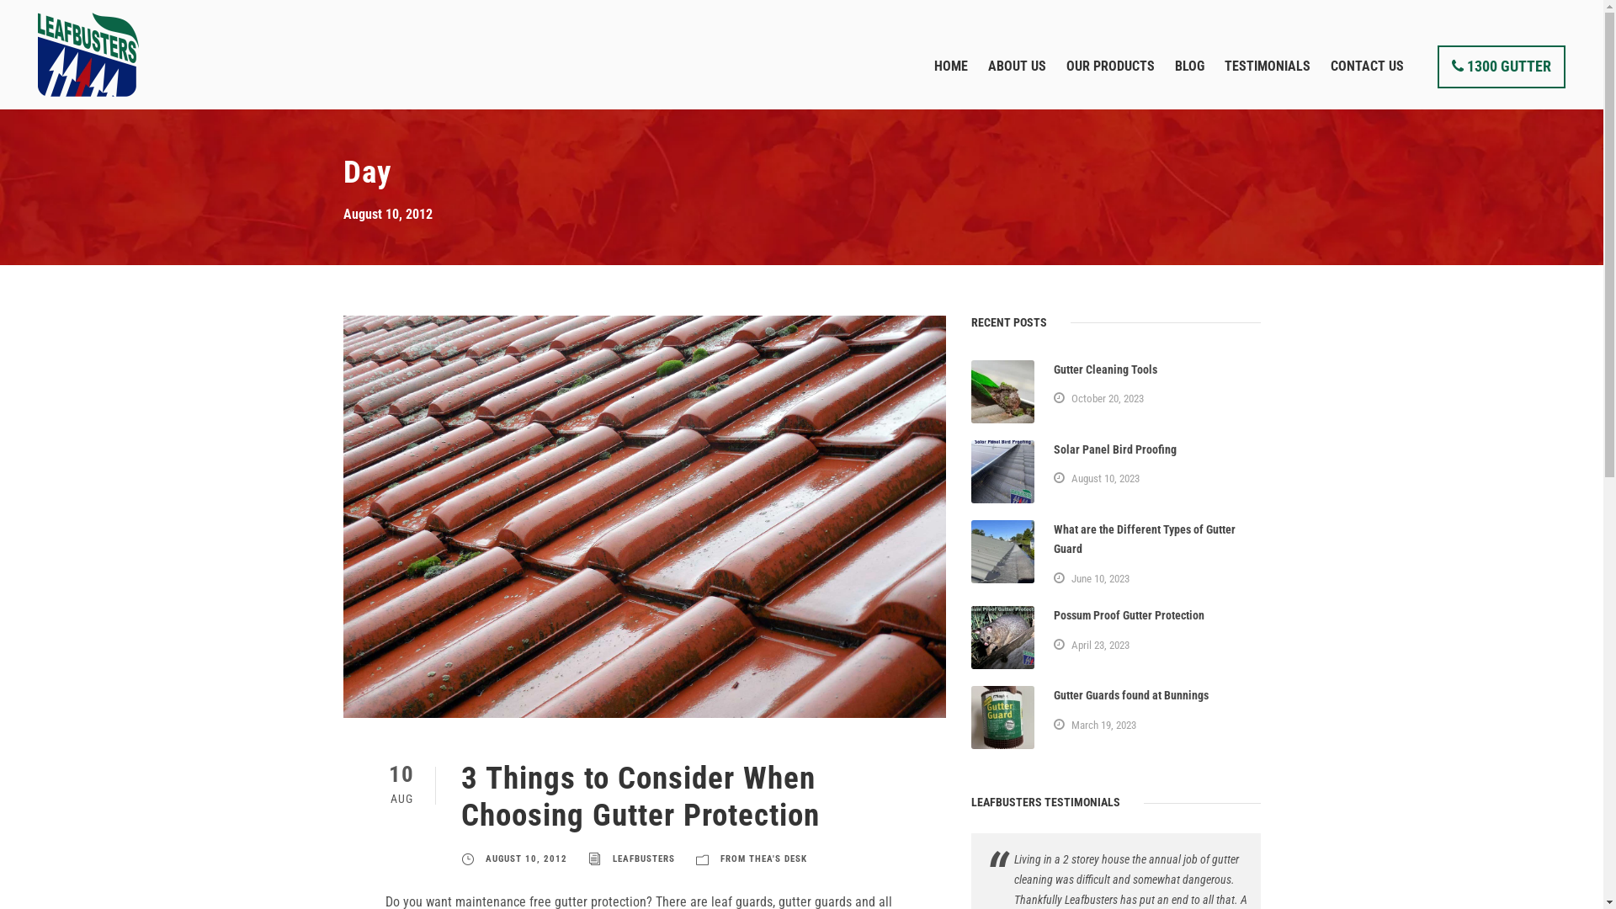 The height and width of the screenshot is (909, 1616). I want to click on 'TESTIMONIALS', so click(1268, 82).